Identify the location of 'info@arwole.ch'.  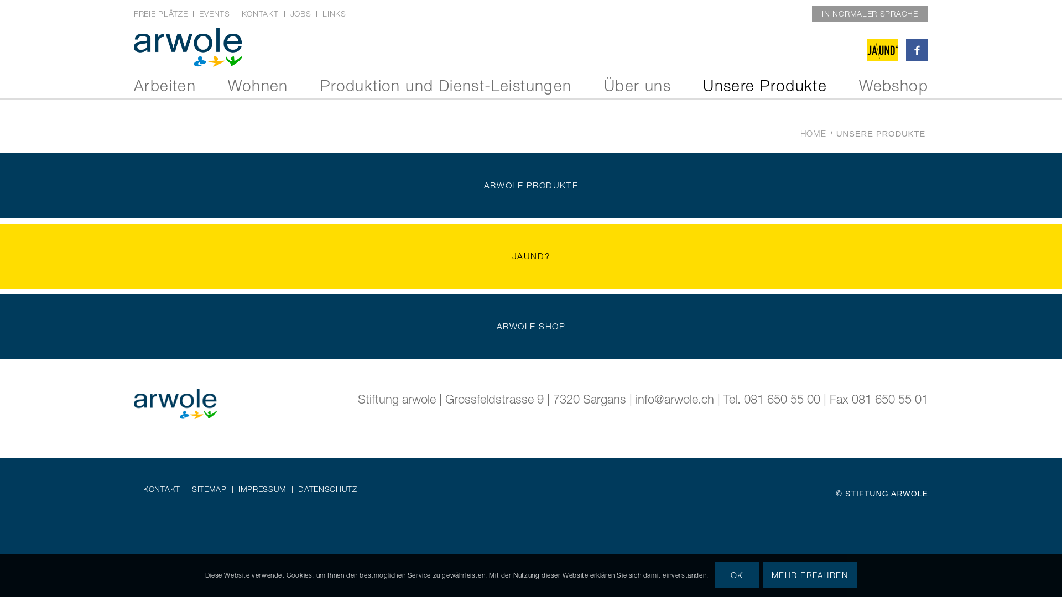
(635, 399).